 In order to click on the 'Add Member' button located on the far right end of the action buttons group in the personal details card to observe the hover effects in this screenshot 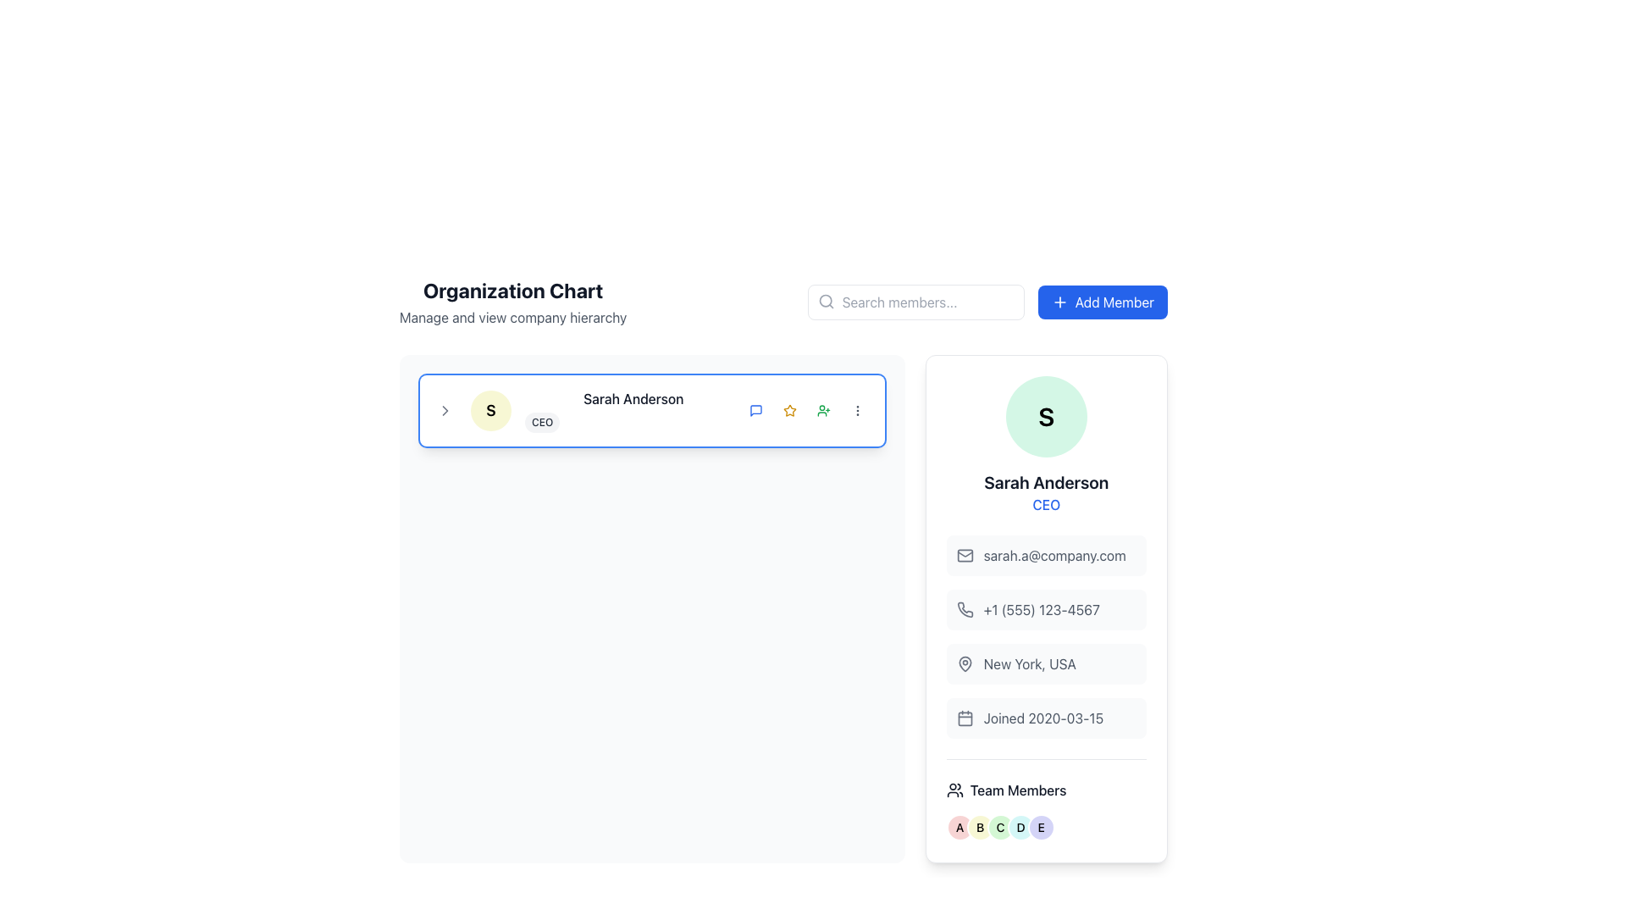, I will do `click(823, 411)`.